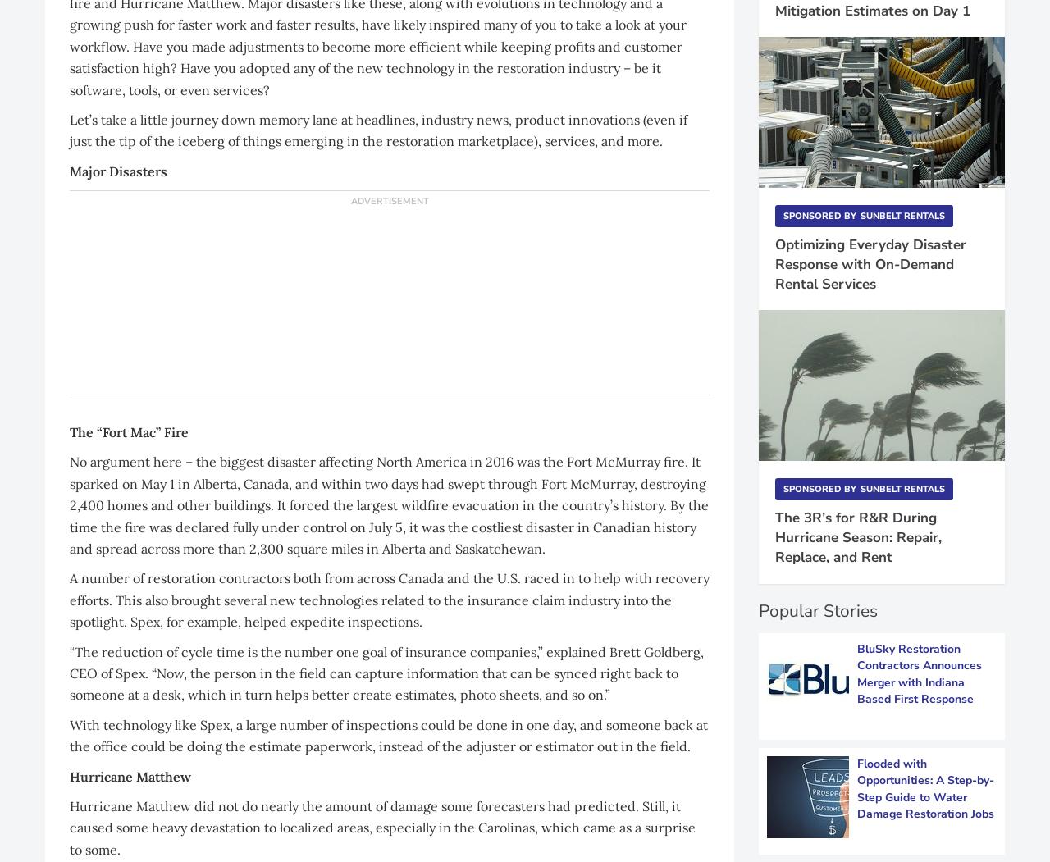 The width and height of the screenshot is (1050, 862). I want to click on 'A number of restoration contractors both from across Canada and the U.S. raced in to help with recovery efforts. This also brought several new technologies related to the insurance claim industry into the spotlight. Spex, for example, helped expedite inspections.', so click(389, 600).